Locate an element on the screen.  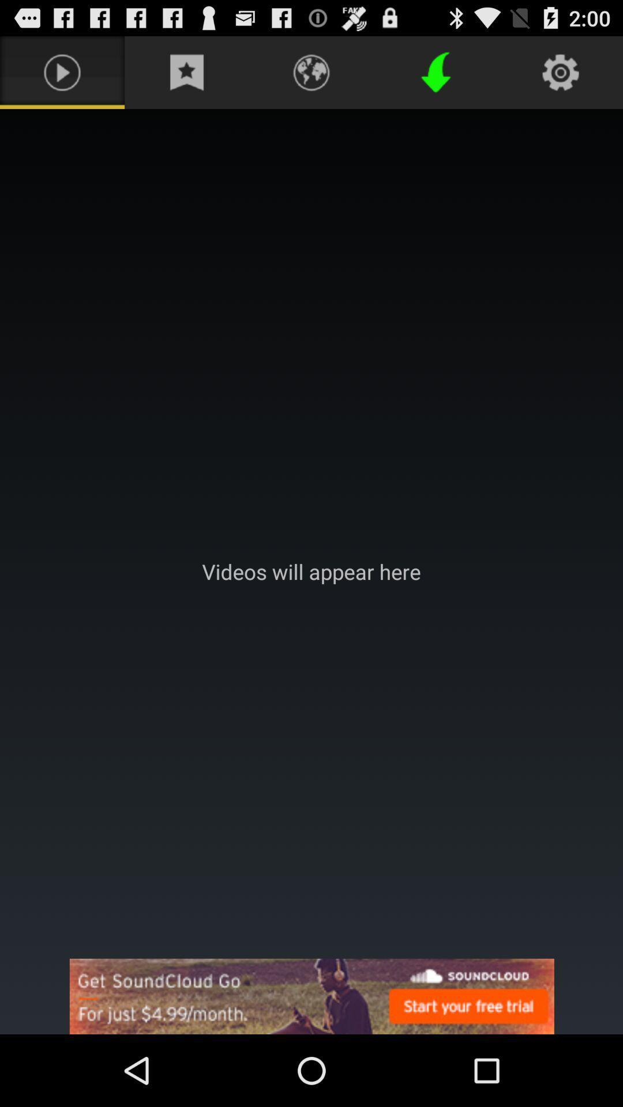
area where videos will appear is located at coordinates (311, 571).